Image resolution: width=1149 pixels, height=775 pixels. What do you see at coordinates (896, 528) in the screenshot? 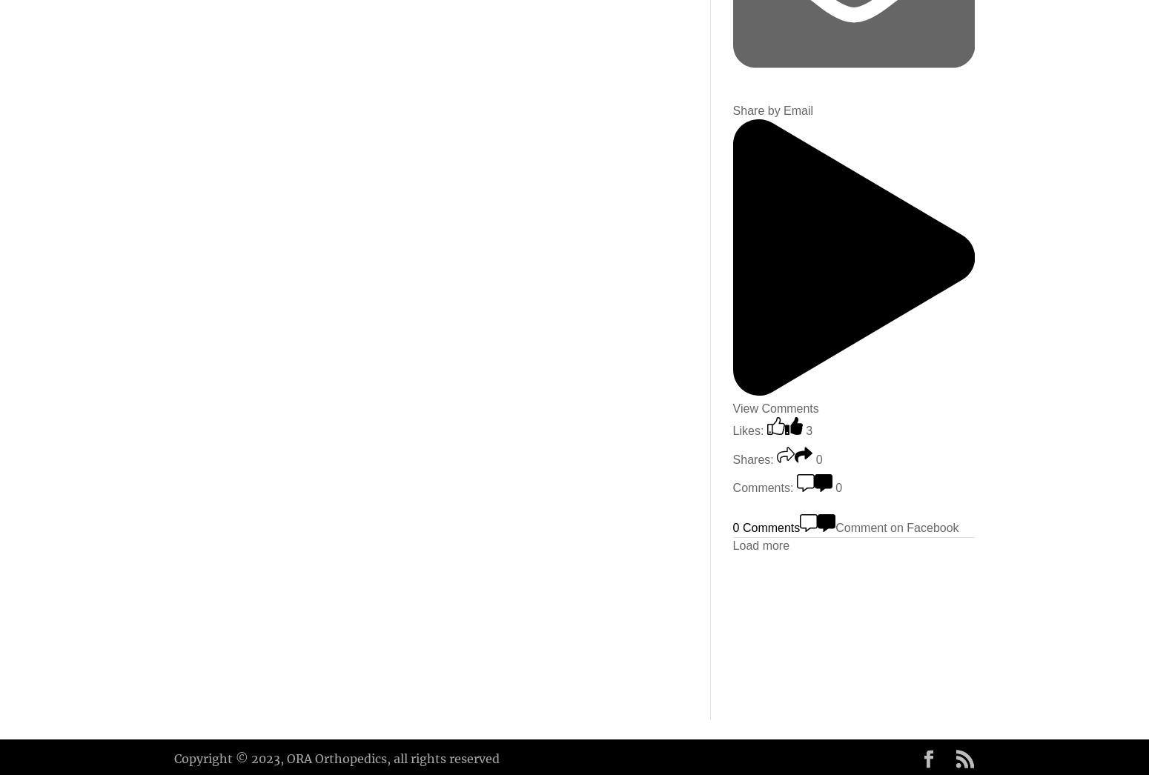
I see `'Comment on Facebook'` at bounding box center [896, 528].